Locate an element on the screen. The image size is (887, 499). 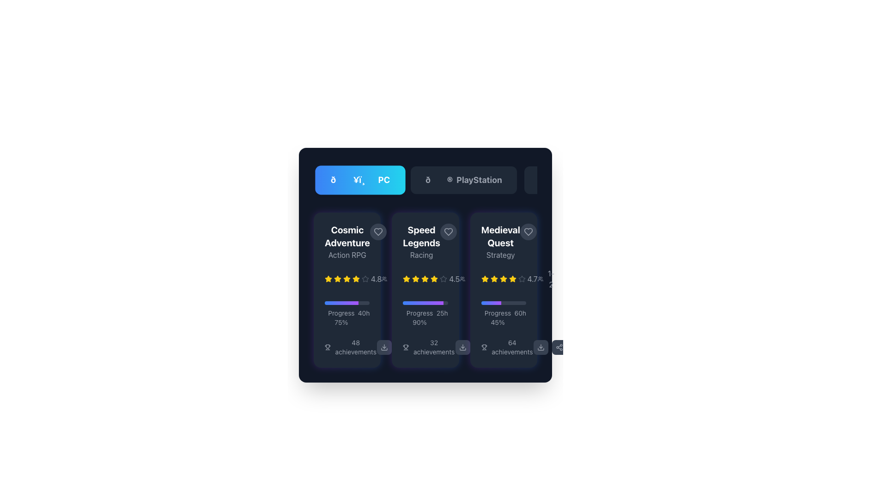
the text label displaying '48 achievements' located in the bottom section of the 'Cosmic Adventure' card is located at coordinates (346, 347).